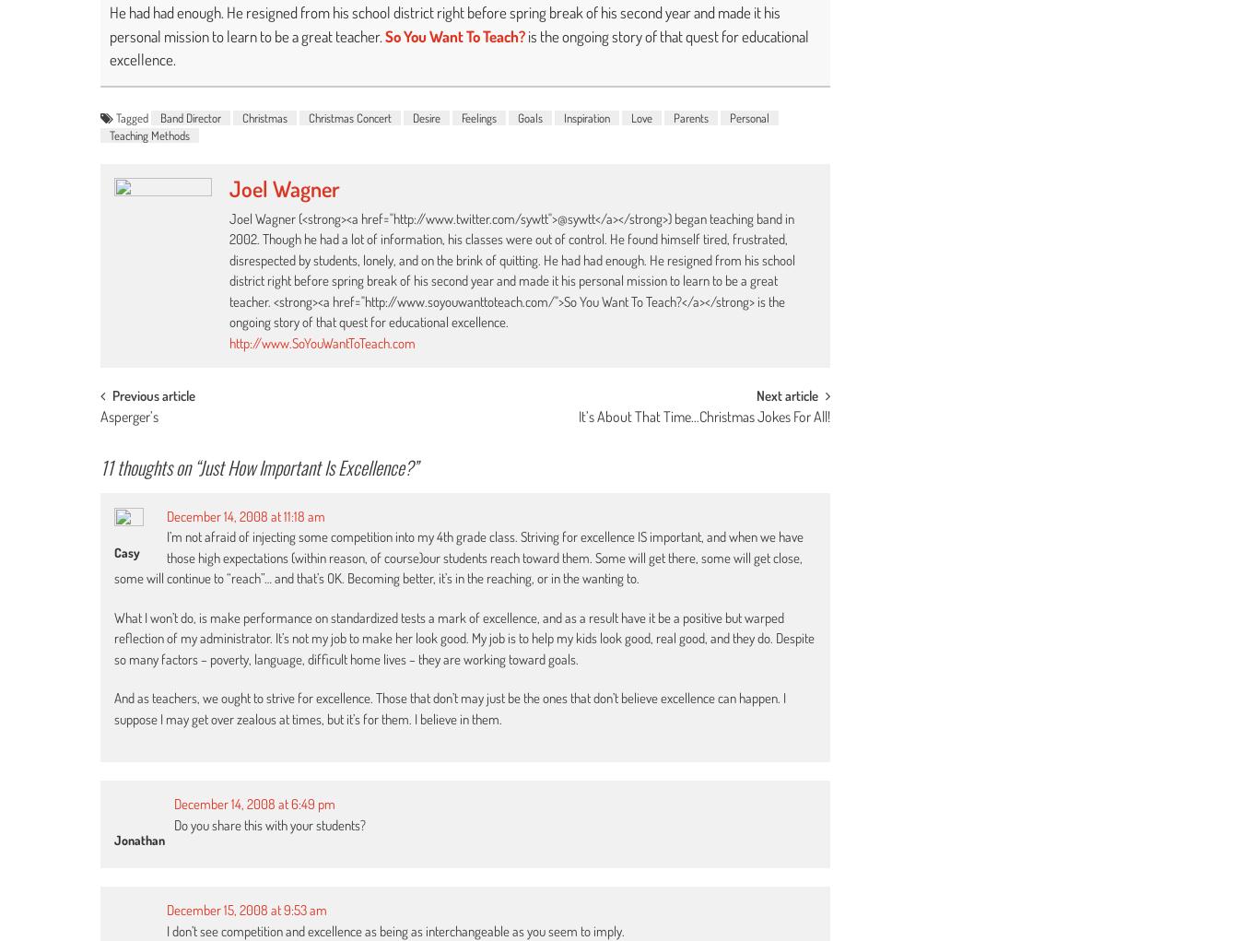 The image size is (1244, 941). What do you see at coordinates (690, 117) in the screenshot?
I see `'Parents'` at bounding box center [690, 117].